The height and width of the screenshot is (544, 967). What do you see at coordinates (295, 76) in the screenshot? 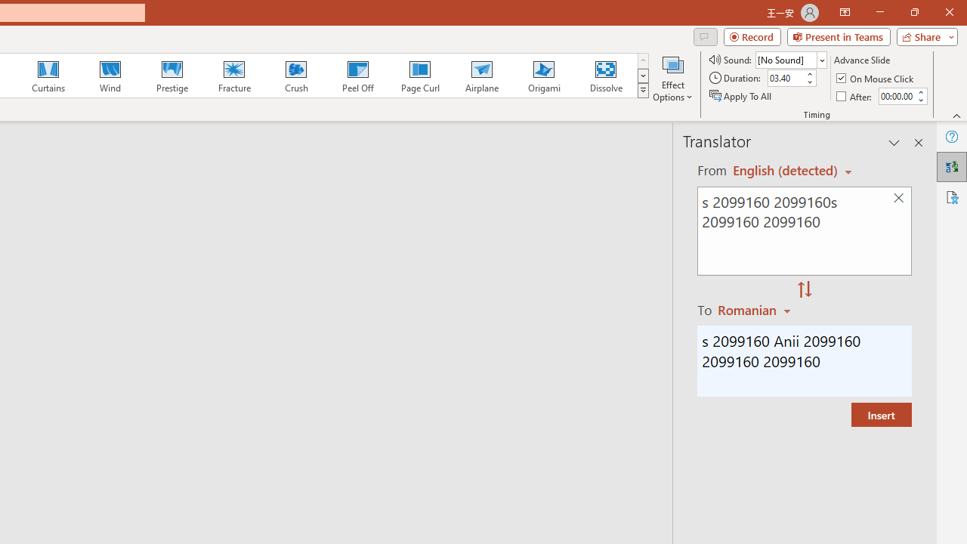
I see `'Crush'` at bounding box center [295, 76].